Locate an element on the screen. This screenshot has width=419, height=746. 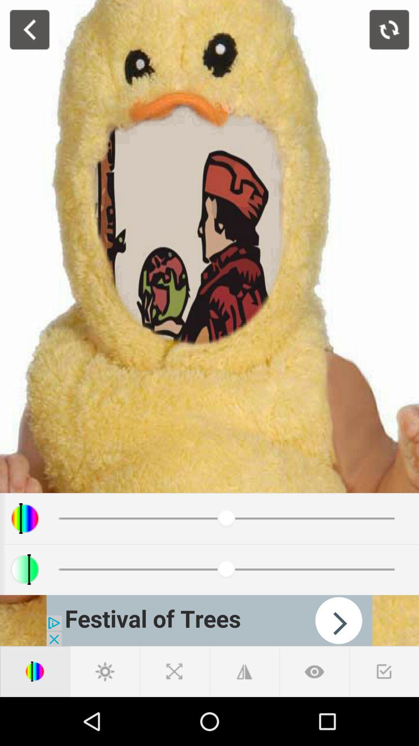
the visibility icon is located at coordinates (314, 671).